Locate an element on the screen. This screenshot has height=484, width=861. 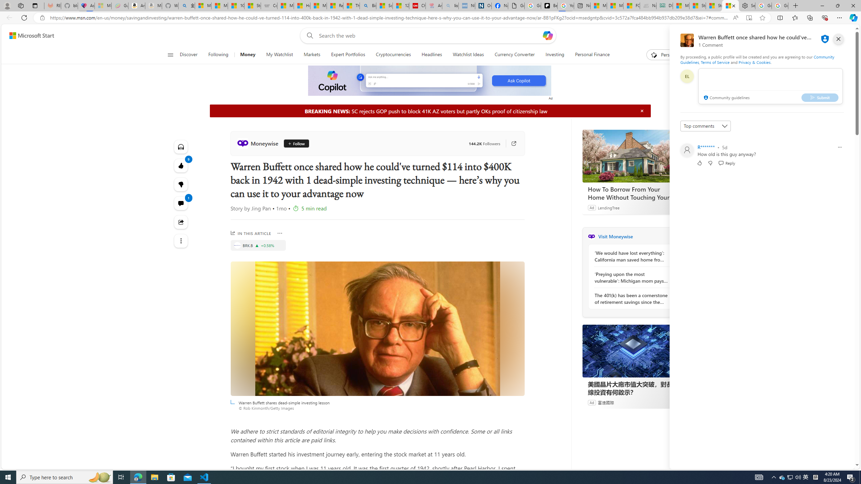
'R*******' is located at coordinates (706, 147).